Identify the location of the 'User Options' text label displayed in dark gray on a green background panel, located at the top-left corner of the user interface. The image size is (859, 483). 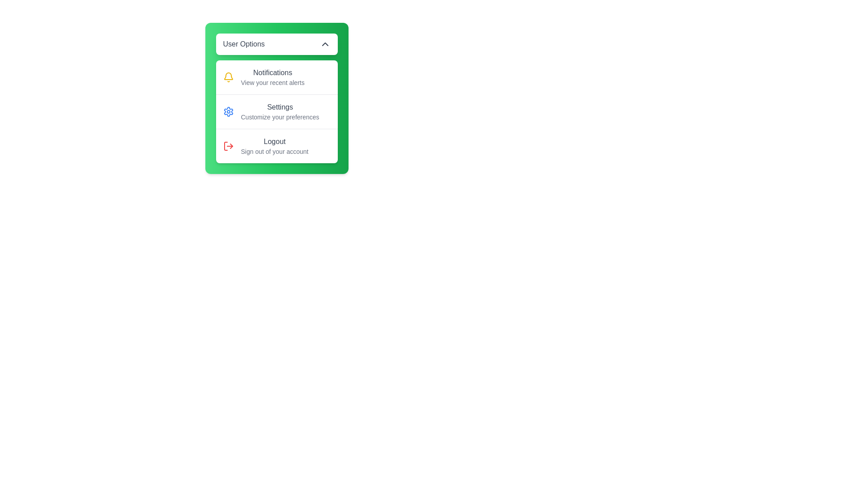
(244, 44).